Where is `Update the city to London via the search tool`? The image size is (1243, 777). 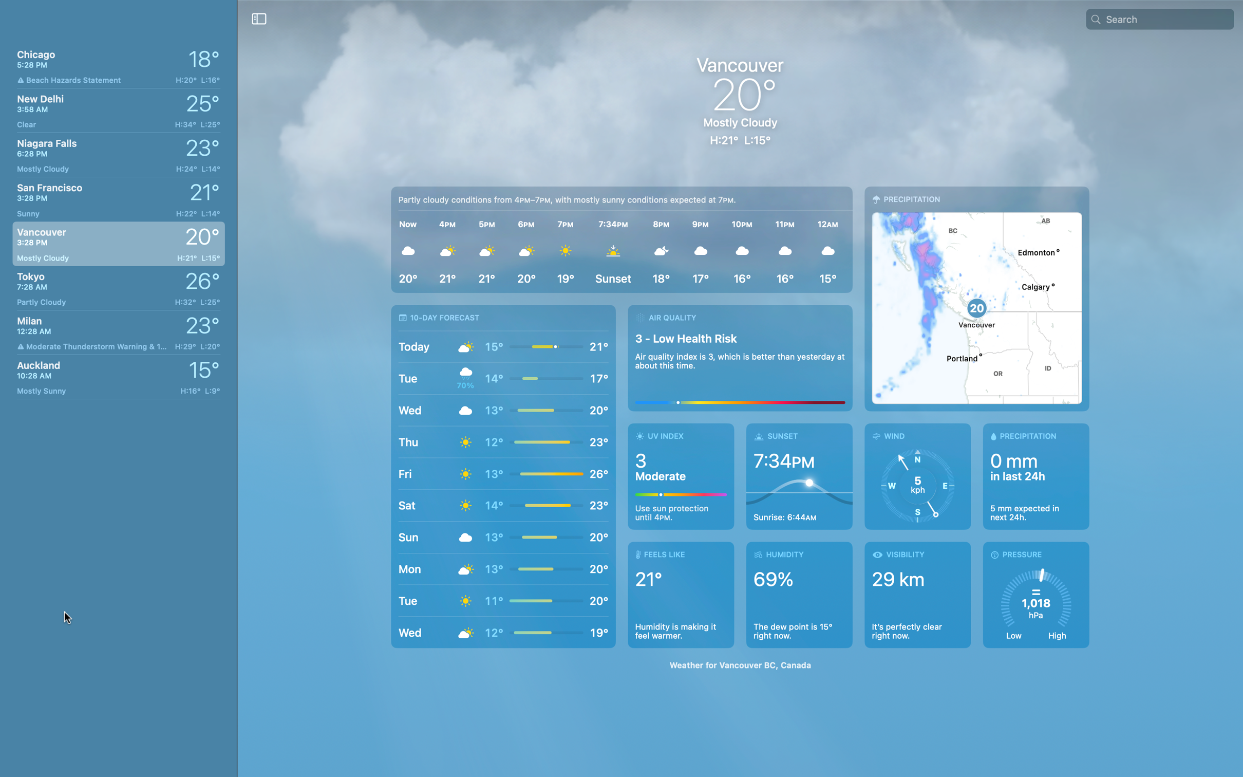
Update the city to London via the search tool is located at coordinates (1167, 18).